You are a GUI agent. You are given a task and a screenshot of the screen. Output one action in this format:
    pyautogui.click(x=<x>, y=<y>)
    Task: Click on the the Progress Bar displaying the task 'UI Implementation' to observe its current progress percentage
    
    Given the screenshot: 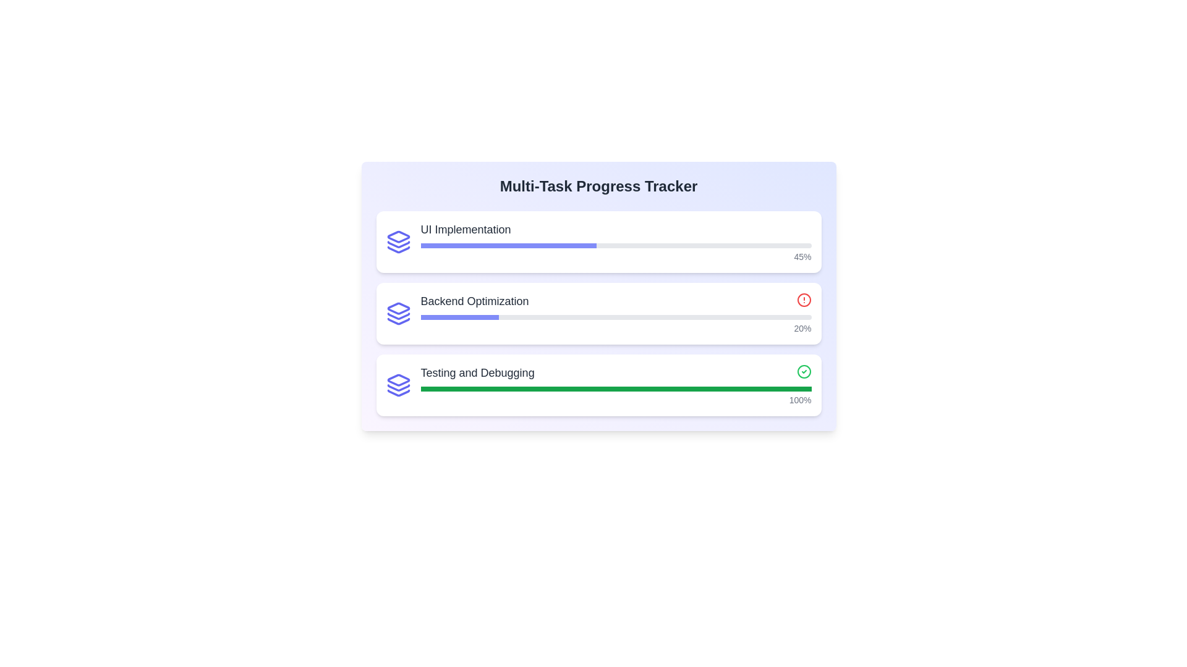 What is the action you would take?
    pyautogui.click(x=616, y=242)
    